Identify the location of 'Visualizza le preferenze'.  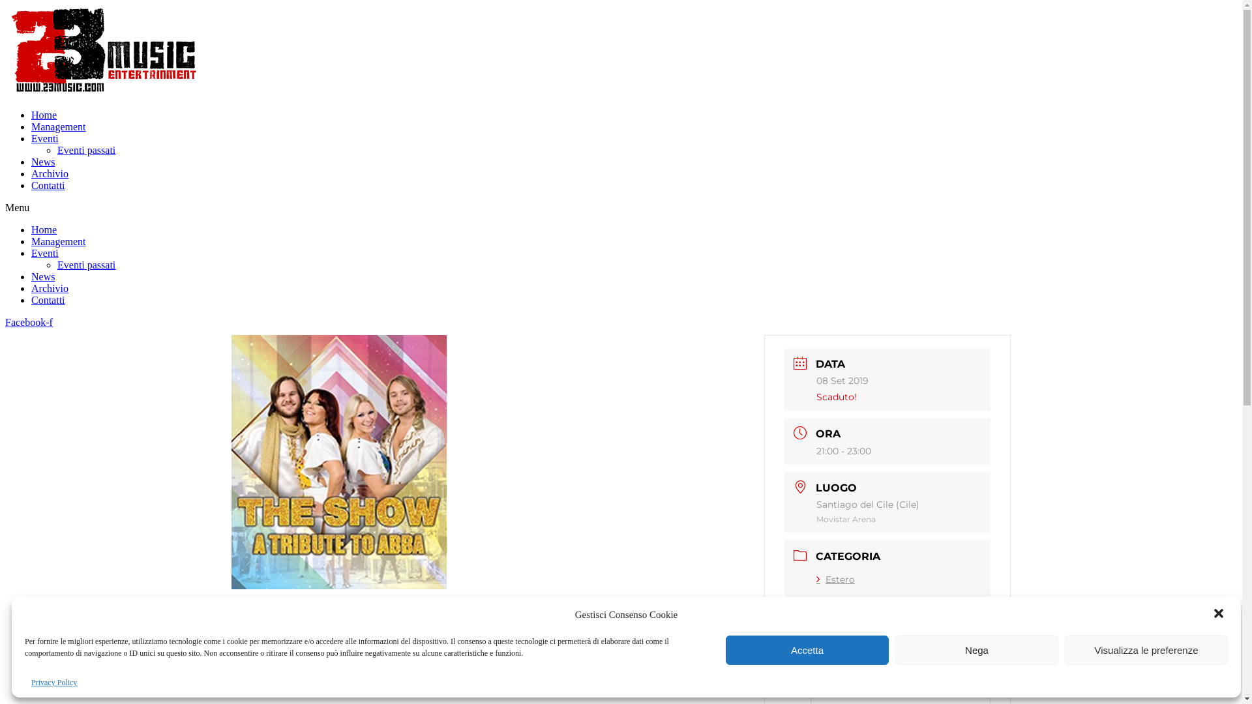
(1145, 650).